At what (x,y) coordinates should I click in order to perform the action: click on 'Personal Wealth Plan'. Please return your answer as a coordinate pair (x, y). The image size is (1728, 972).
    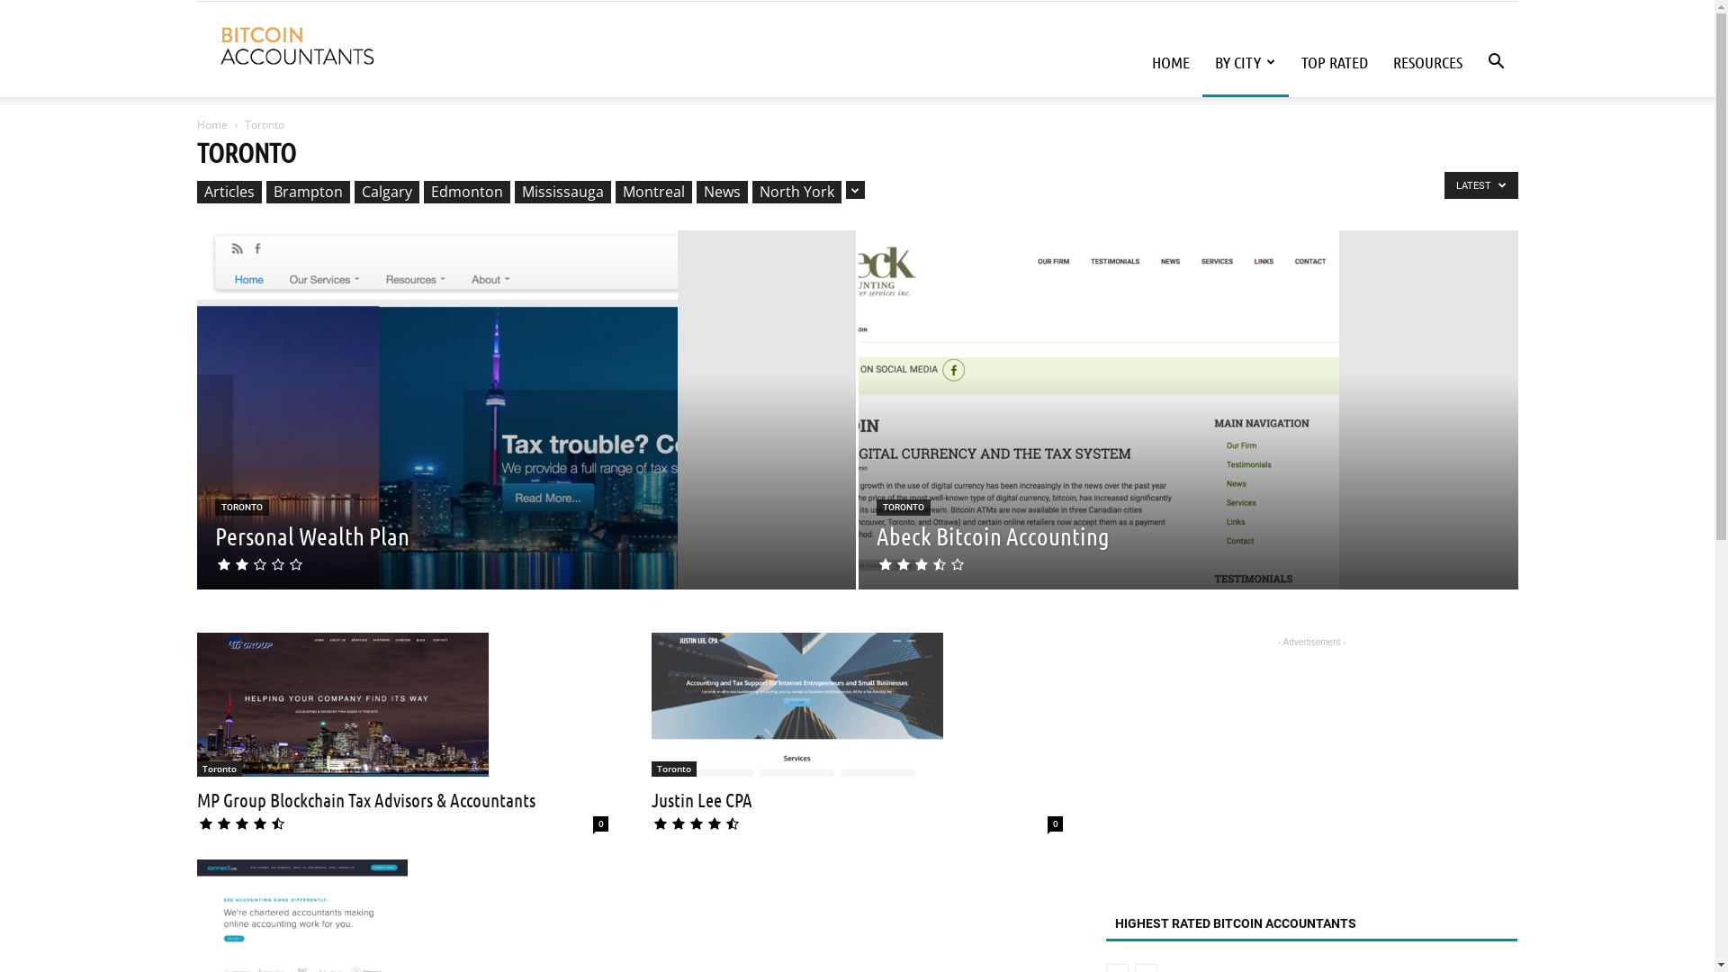
    Looking at the image, I should click on (214, 534).